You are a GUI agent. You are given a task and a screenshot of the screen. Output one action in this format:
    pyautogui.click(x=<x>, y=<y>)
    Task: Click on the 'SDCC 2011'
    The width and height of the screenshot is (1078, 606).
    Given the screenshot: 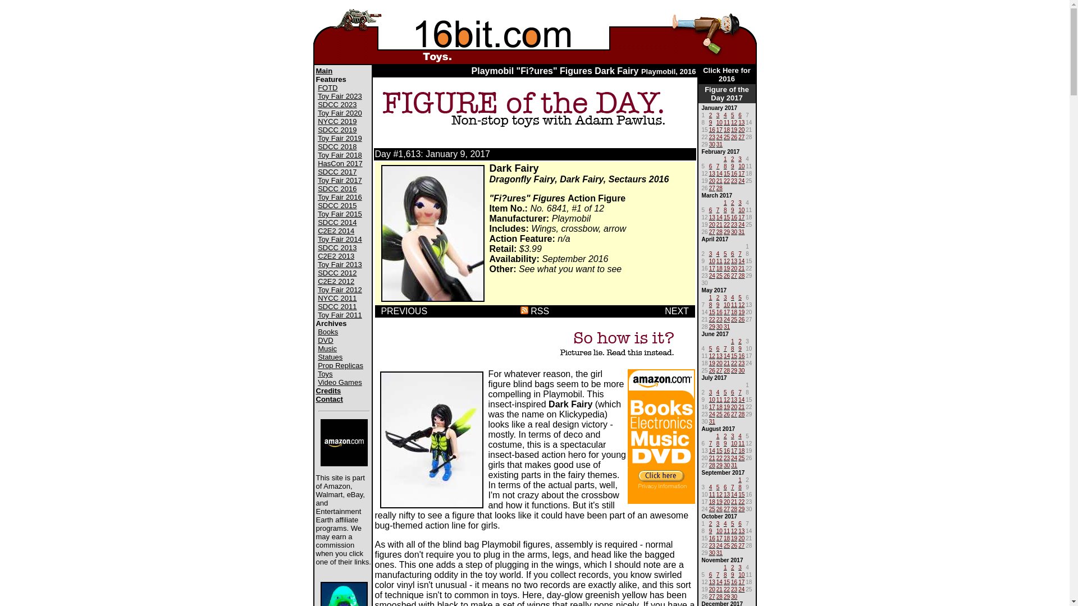 What is the action you would take?
    pyautogui.click(x=336, y=306)
    